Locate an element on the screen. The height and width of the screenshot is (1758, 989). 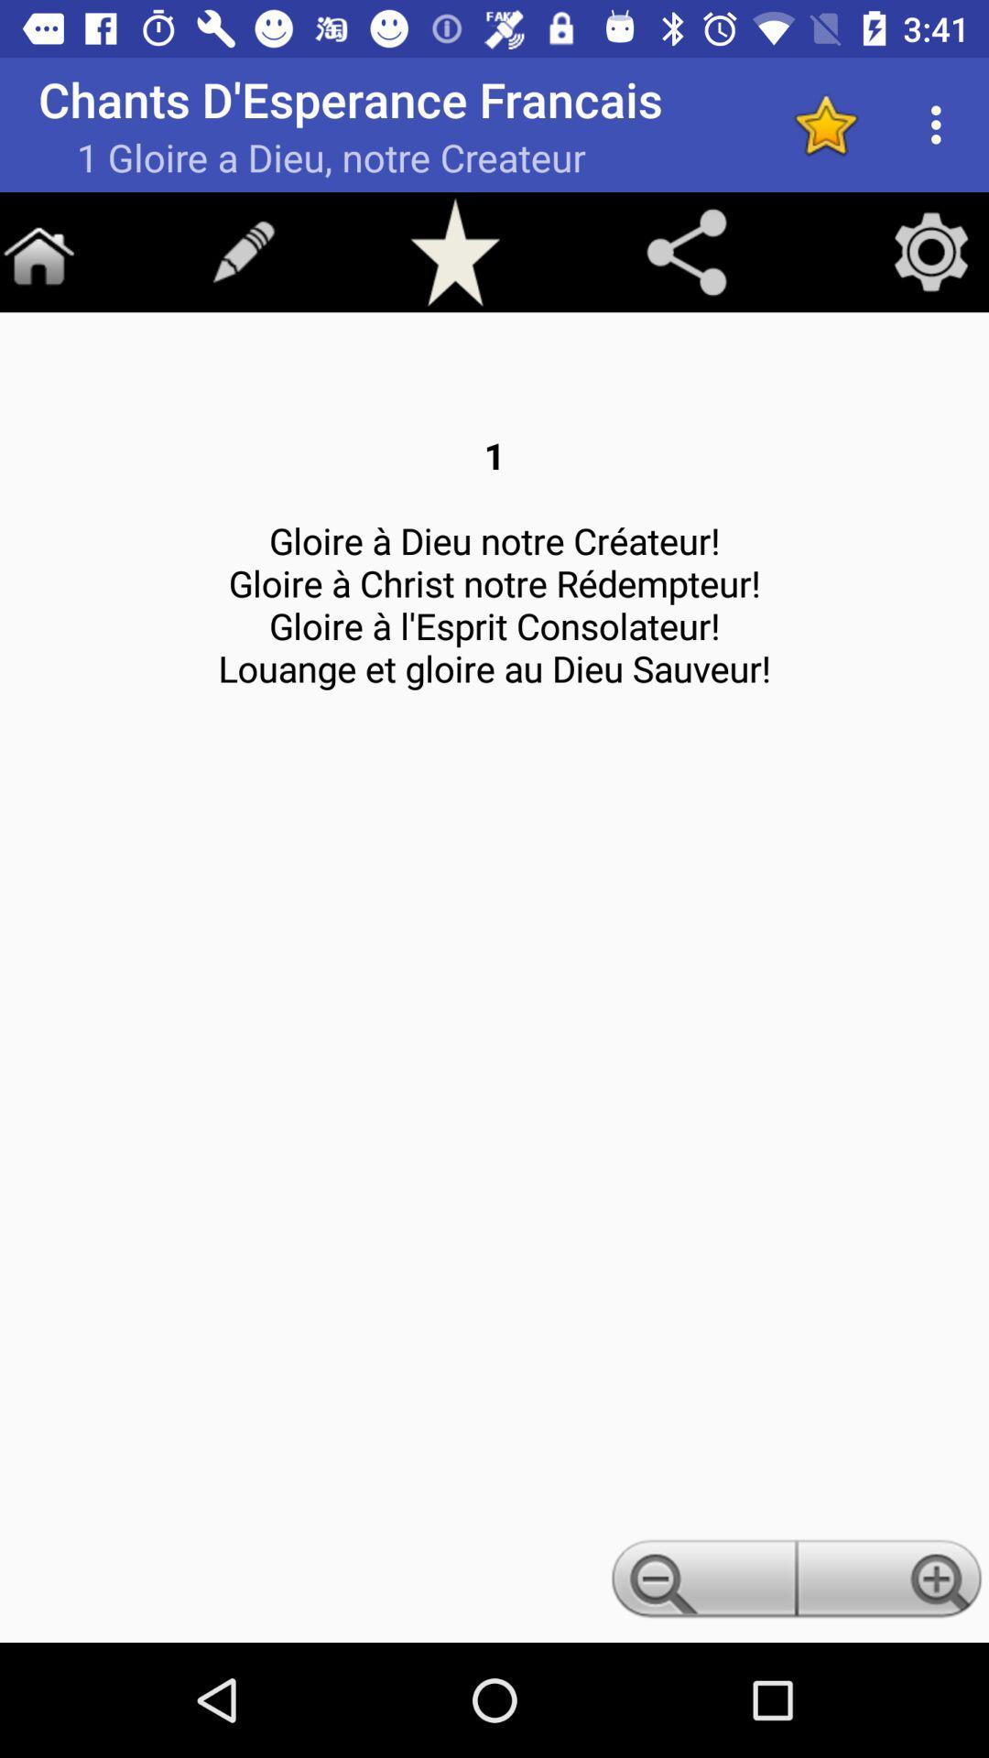
home screen is located at coordinates (38, 251).